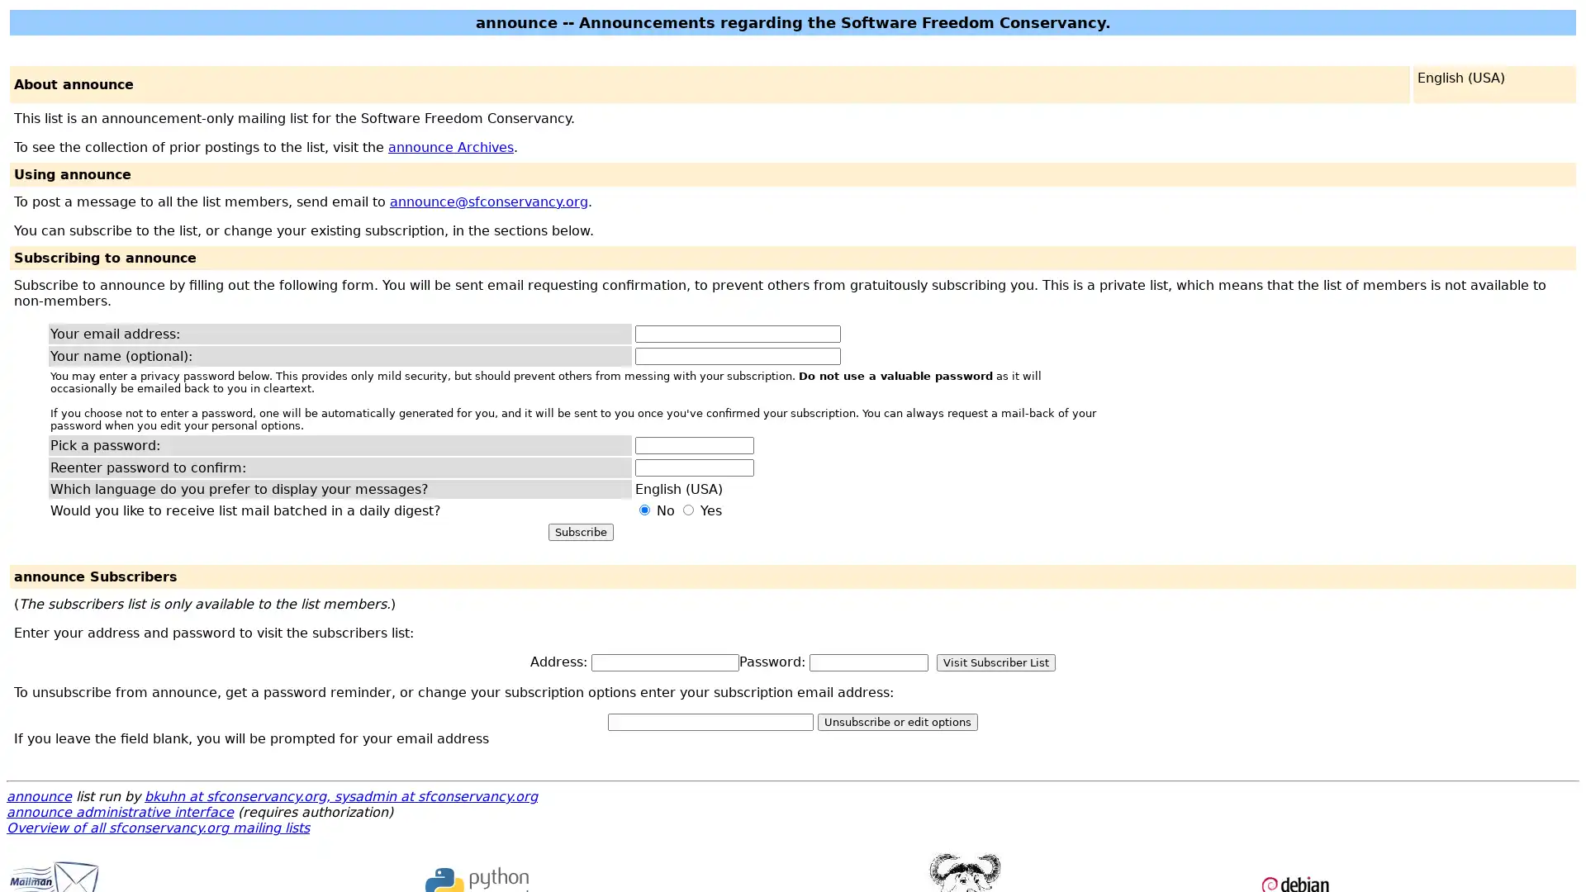  I want to click on Subscribe, so click(580, 532).